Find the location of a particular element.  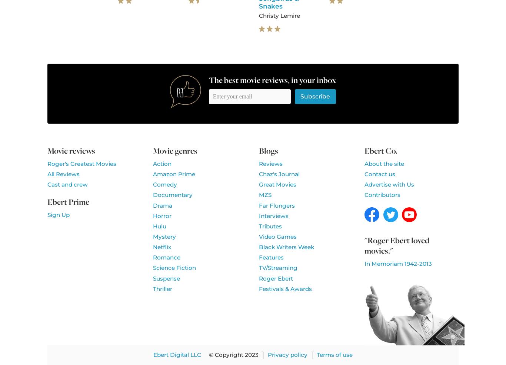

'Roger's Greatest Movies' is located at coordinates (81, 164).